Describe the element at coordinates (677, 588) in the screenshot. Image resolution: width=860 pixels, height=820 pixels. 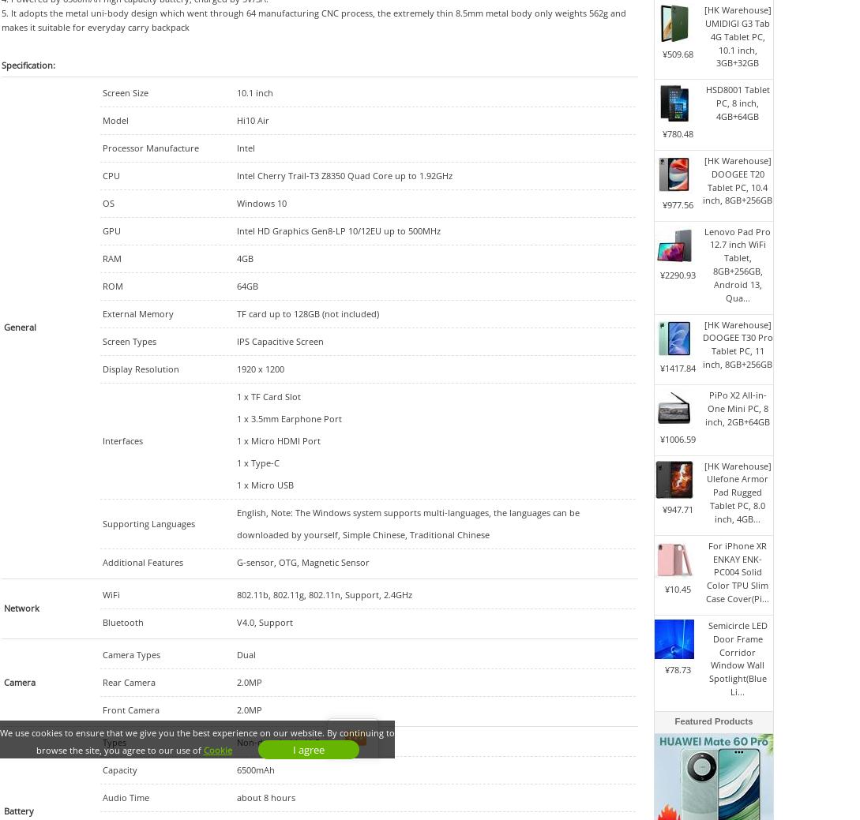
I see `'¥10.45'` at that location.